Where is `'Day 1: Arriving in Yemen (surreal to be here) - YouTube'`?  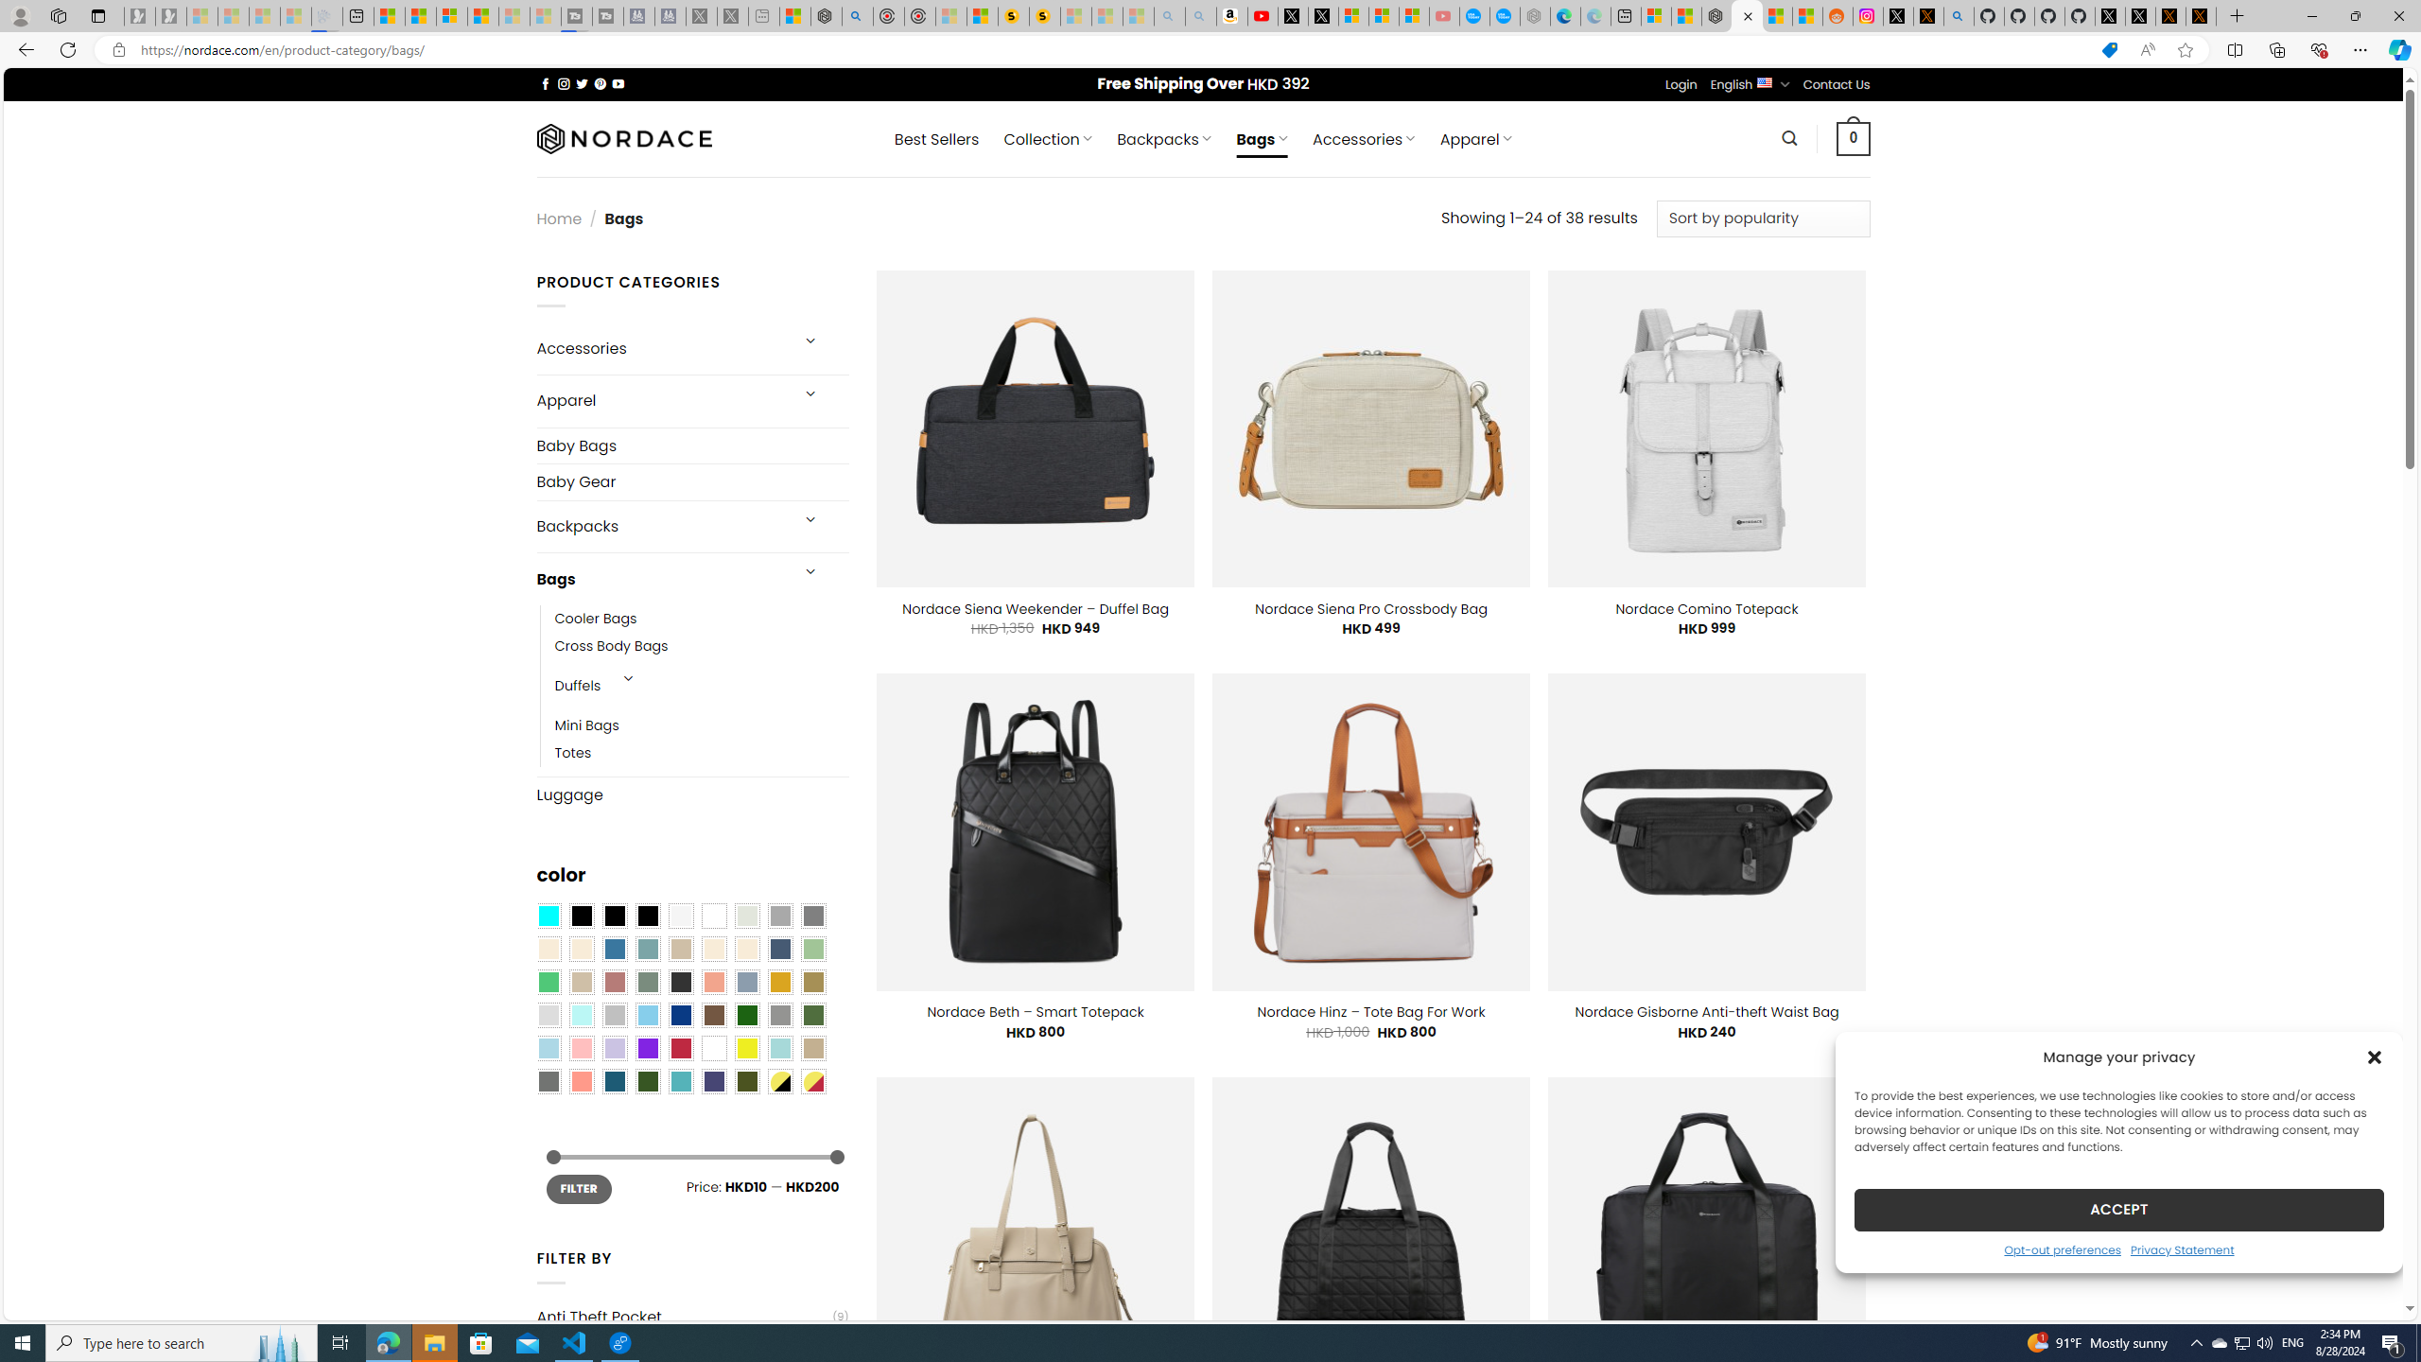
'Day 1: Arriving in Yemen (surreal to be here) - YouTube' is located at coordinates (1262, 15).